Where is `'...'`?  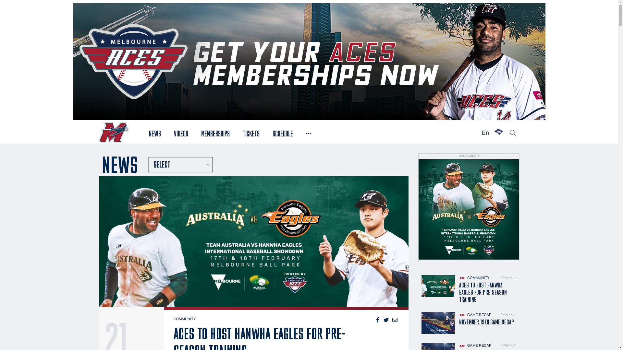
'...' is located at coordinates (299, 132).